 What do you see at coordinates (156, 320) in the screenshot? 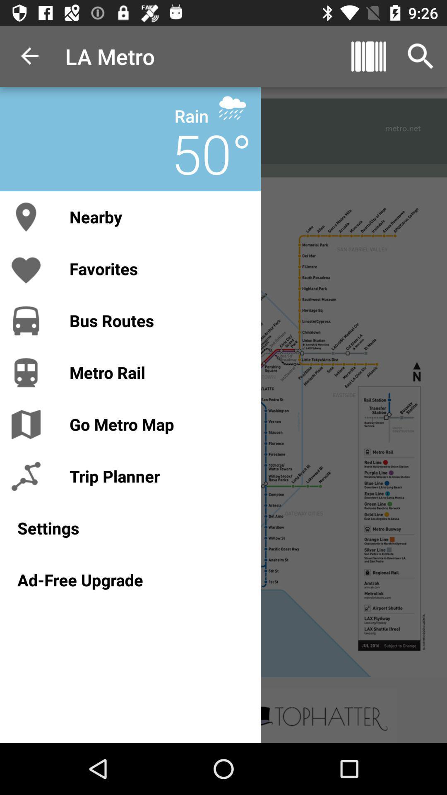
I see `bus routes item` at bounding box center [156, 320].